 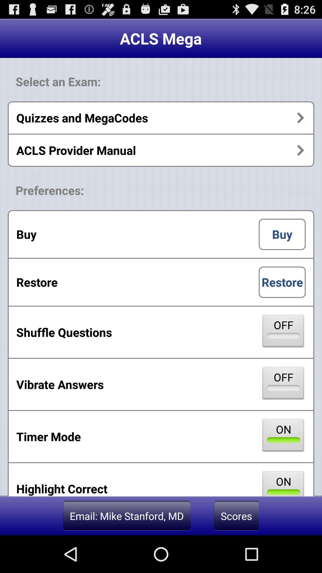 What do you see at coordinates (236, 515) in the screenshot?
I see `the scores` at bounding box center [236, 515].